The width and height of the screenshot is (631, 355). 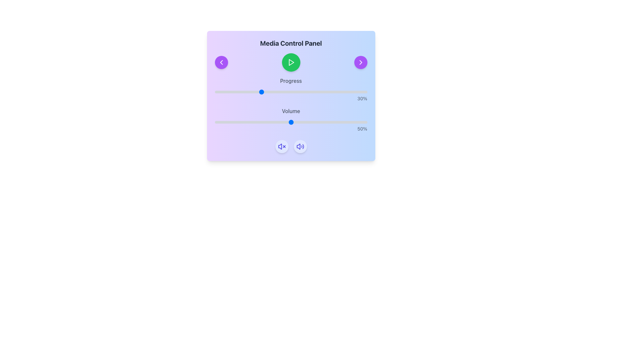 What do you see at coordinates (236, 122) in the screenshot?
I see `the slider value` at bounding box center [236, 122].